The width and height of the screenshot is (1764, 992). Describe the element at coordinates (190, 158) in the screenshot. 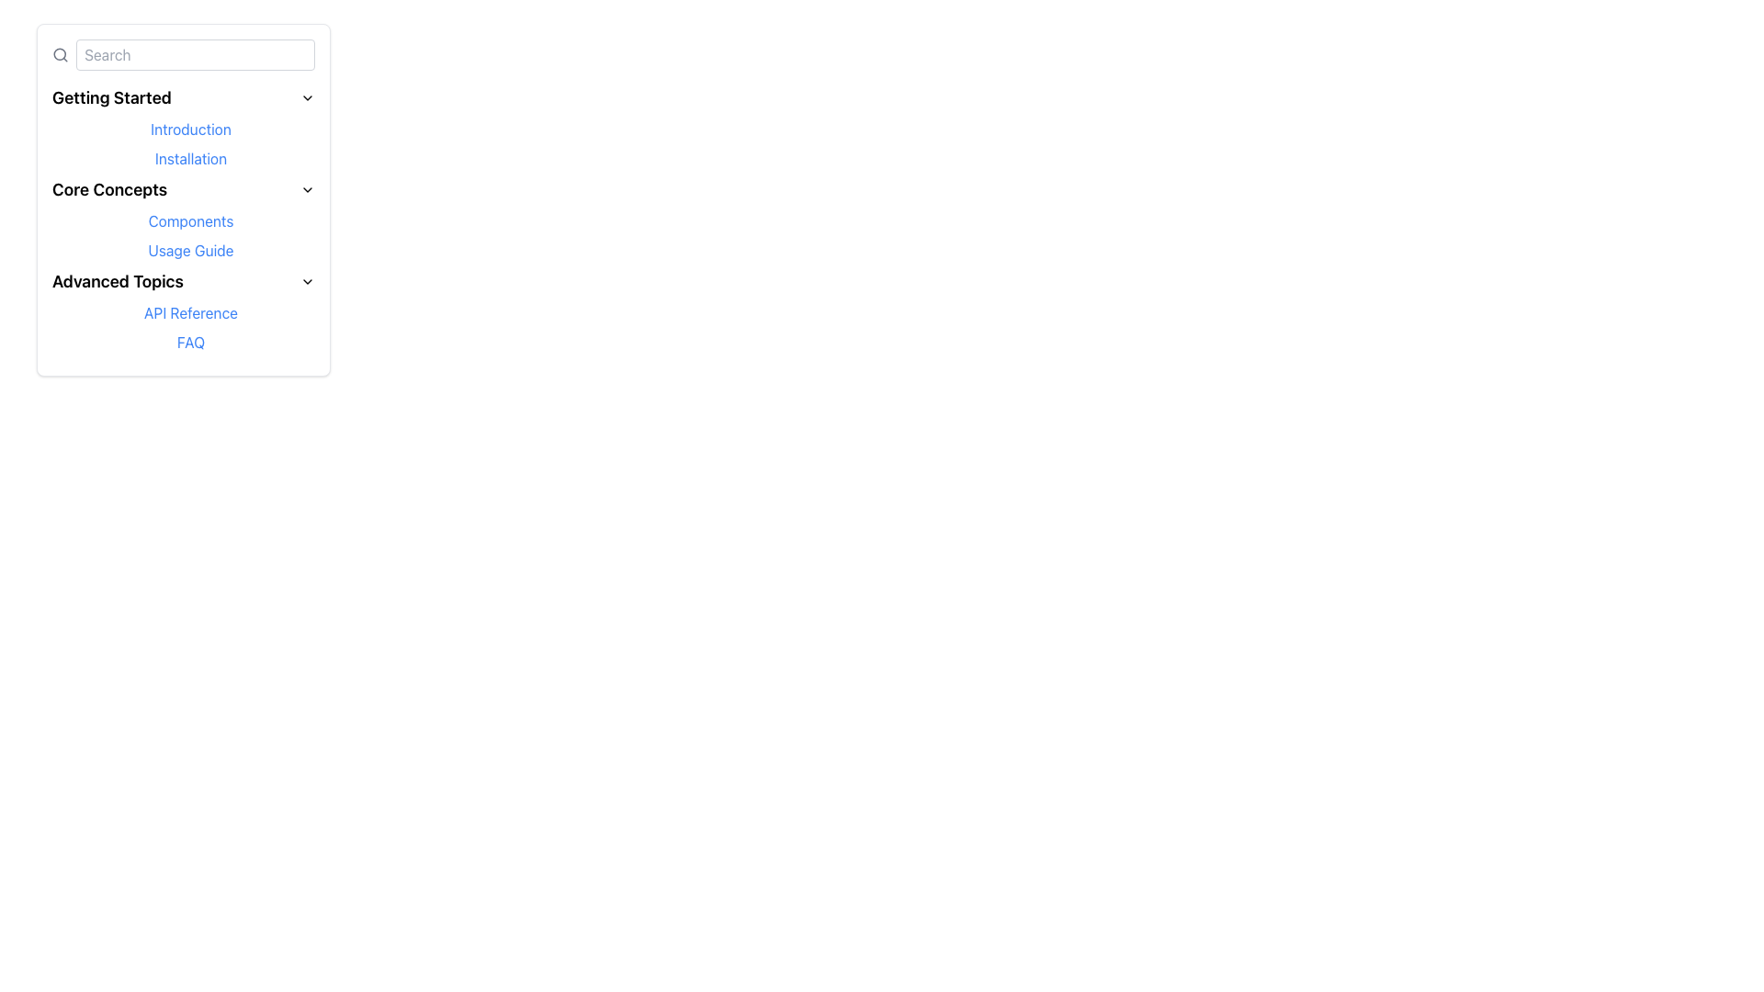

I see `the 'Installation' hyperlink styled in blue and underlined, located directly below the 'Introduction' element in the 'Getting Started' section` at that location.